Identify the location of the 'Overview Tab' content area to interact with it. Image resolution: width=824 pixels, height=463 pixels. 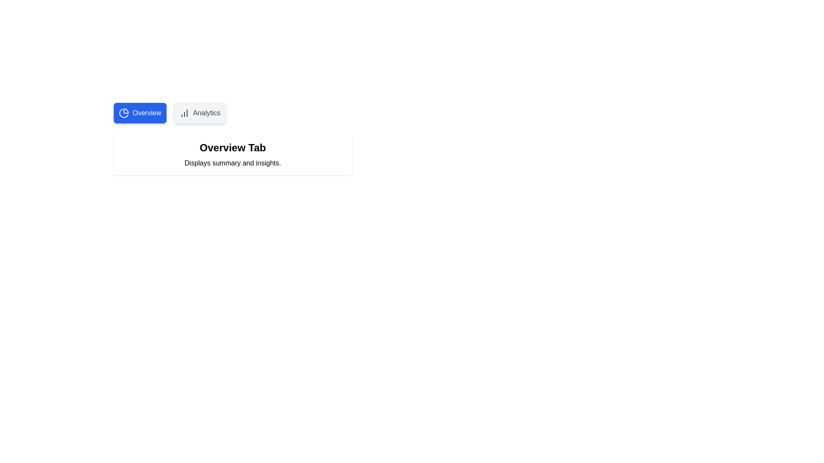
(233, 155).